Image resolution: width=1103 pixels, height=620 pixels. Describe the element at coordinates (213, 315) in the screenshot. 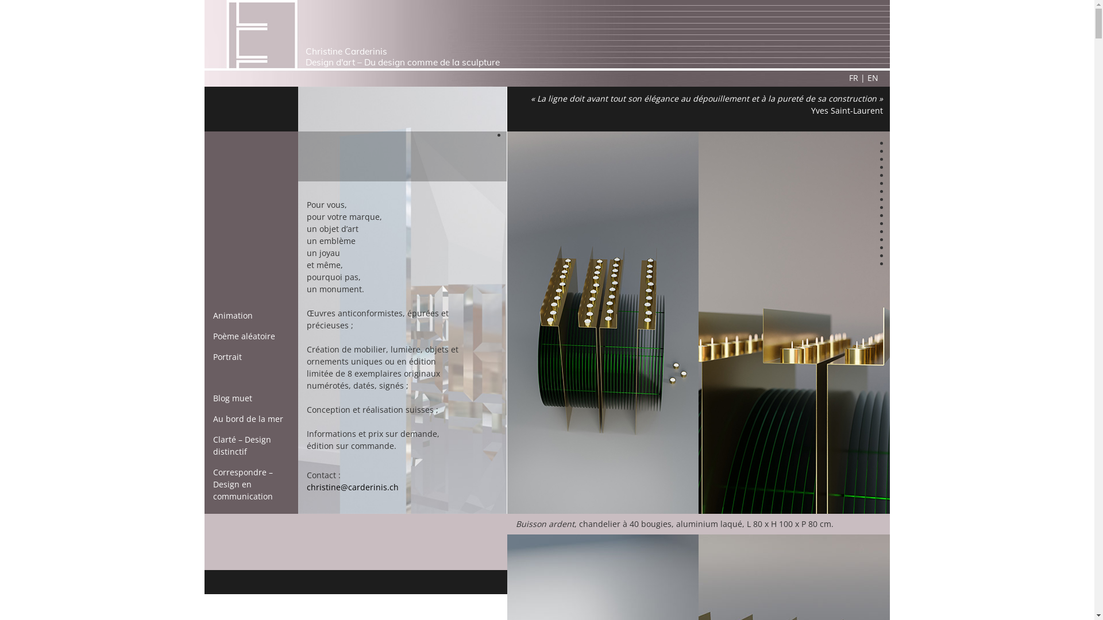

I see `'Animation'` at that location.